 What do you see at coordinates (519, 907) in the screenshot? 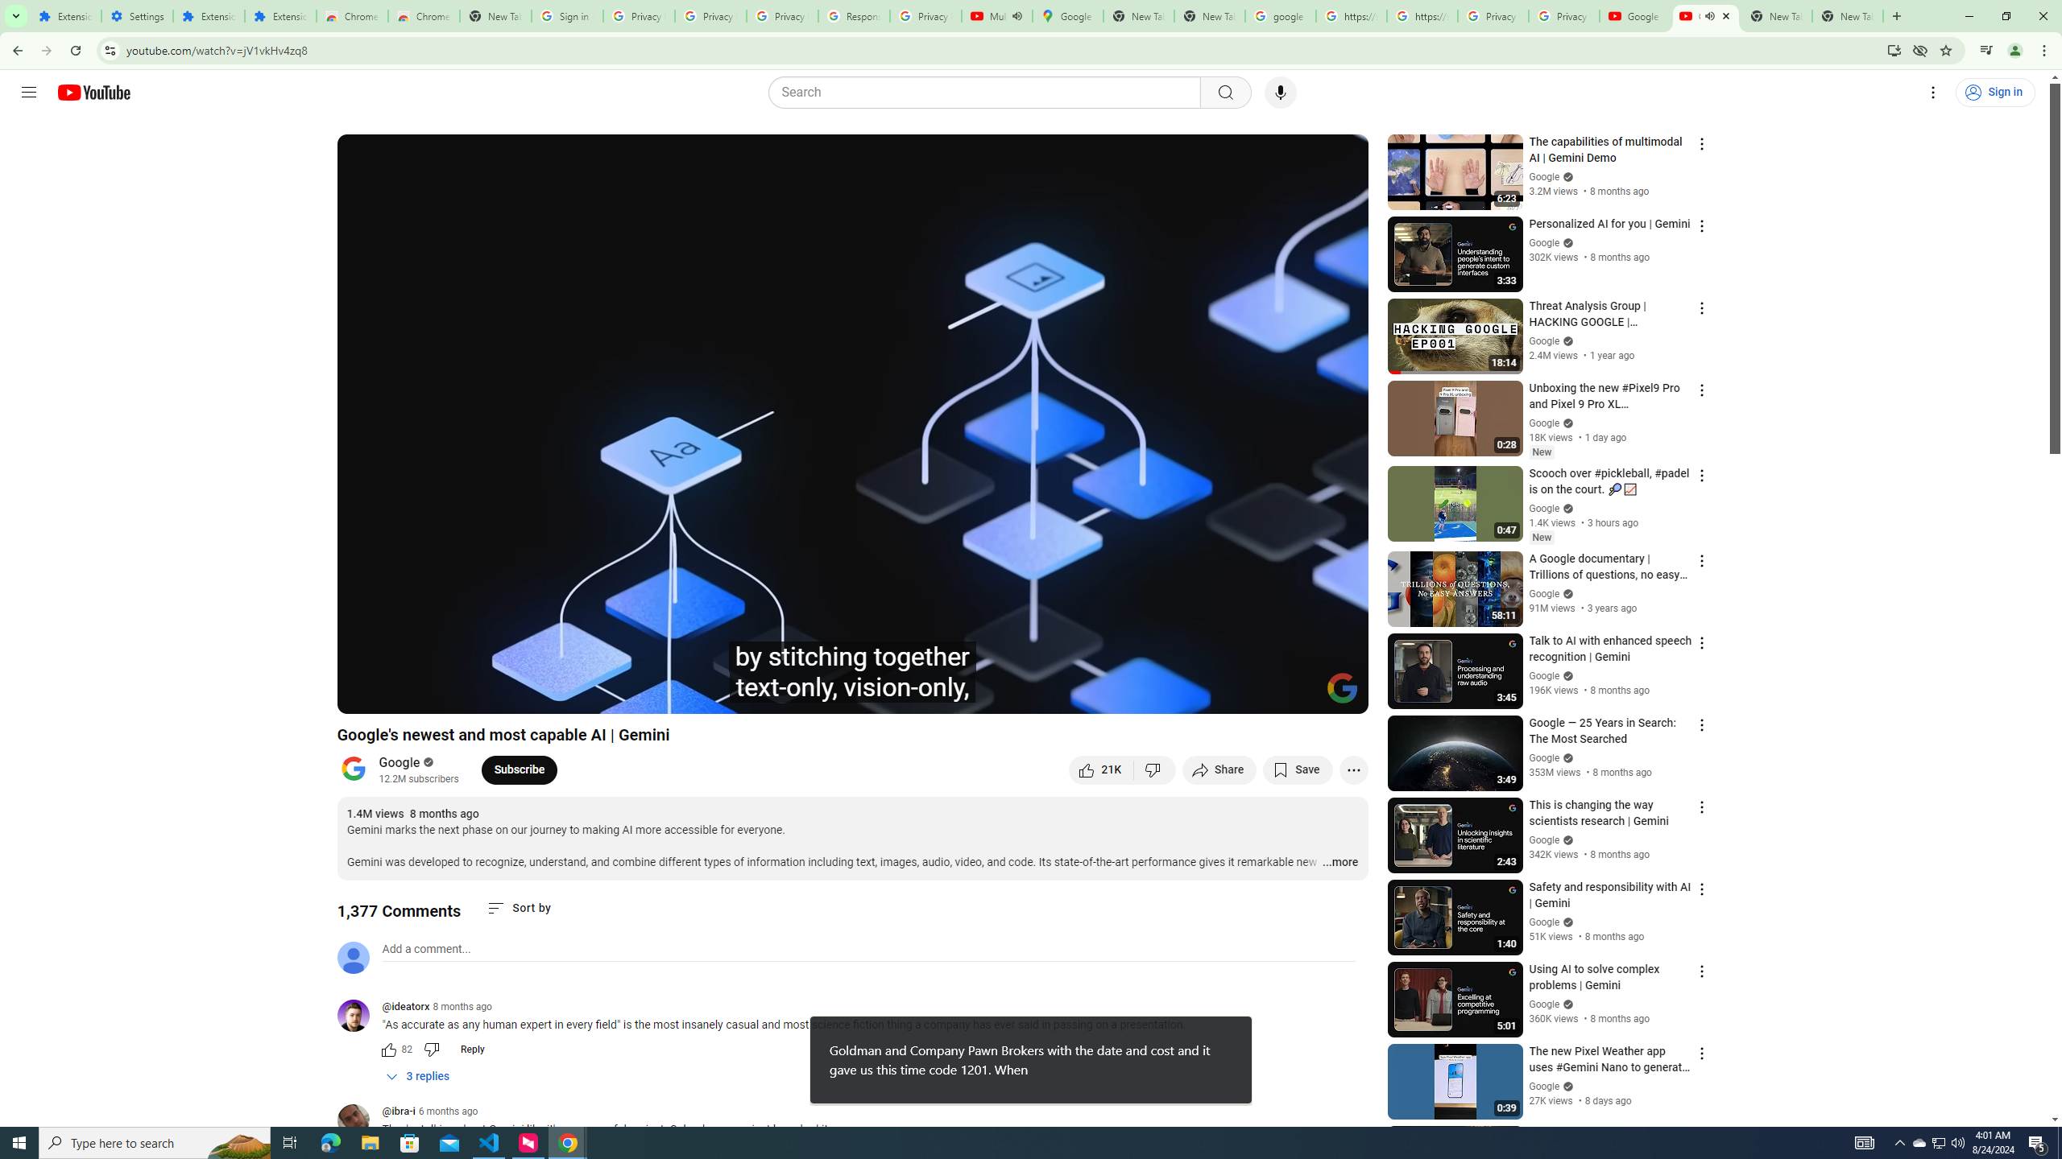
I see `'Sort comments'` at bounding box center [519, 907].